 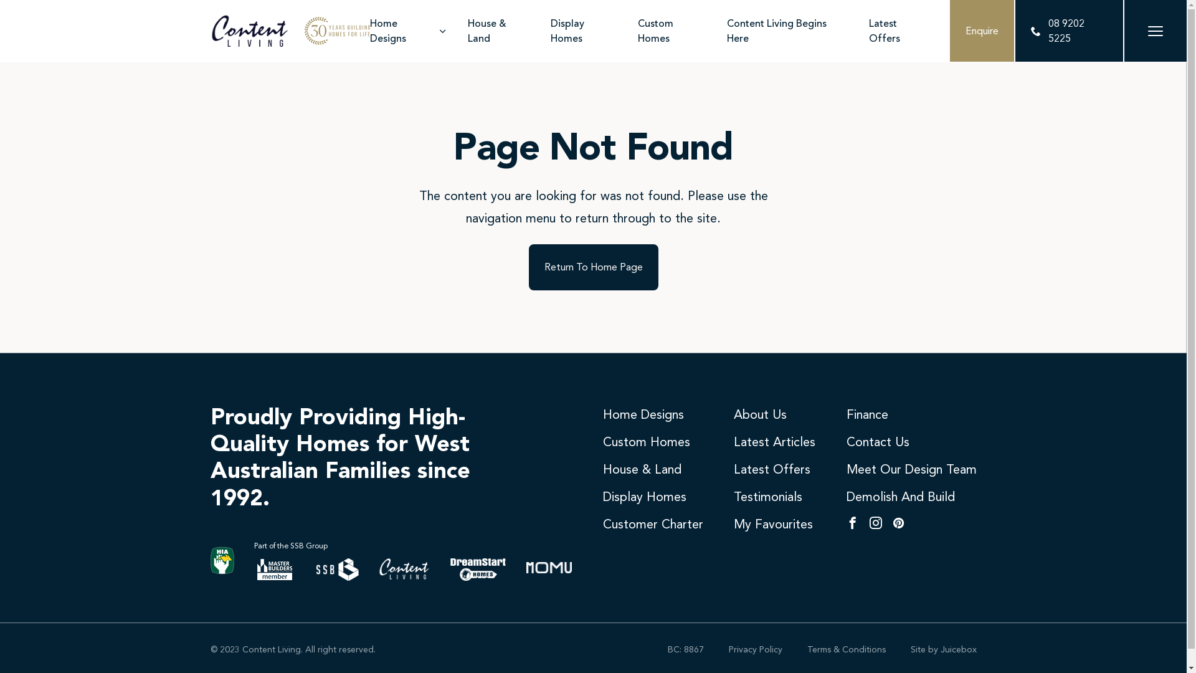 I want to click on 'Testimonials', so click(x=767, y=496).